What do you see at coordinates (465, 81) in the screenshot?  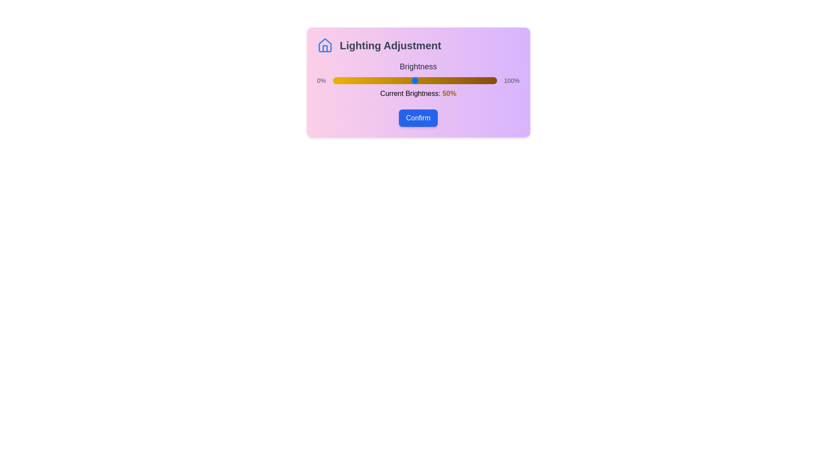 I see `the brightness slider to 81%` at bounding box center [465, 81].